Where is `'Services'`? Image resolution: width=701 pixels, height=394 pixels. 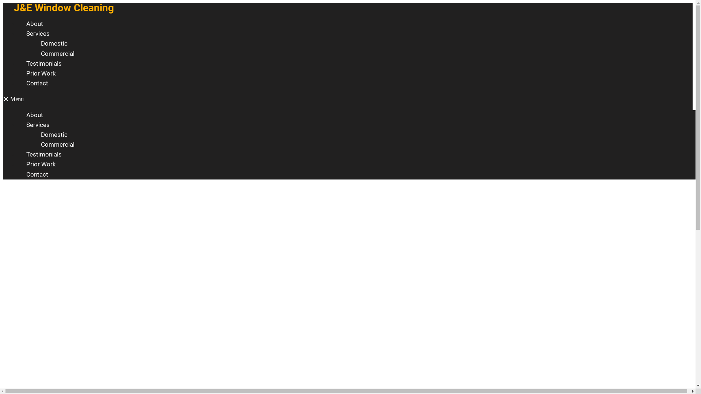
'Services' is located at coordinates (38, 124).